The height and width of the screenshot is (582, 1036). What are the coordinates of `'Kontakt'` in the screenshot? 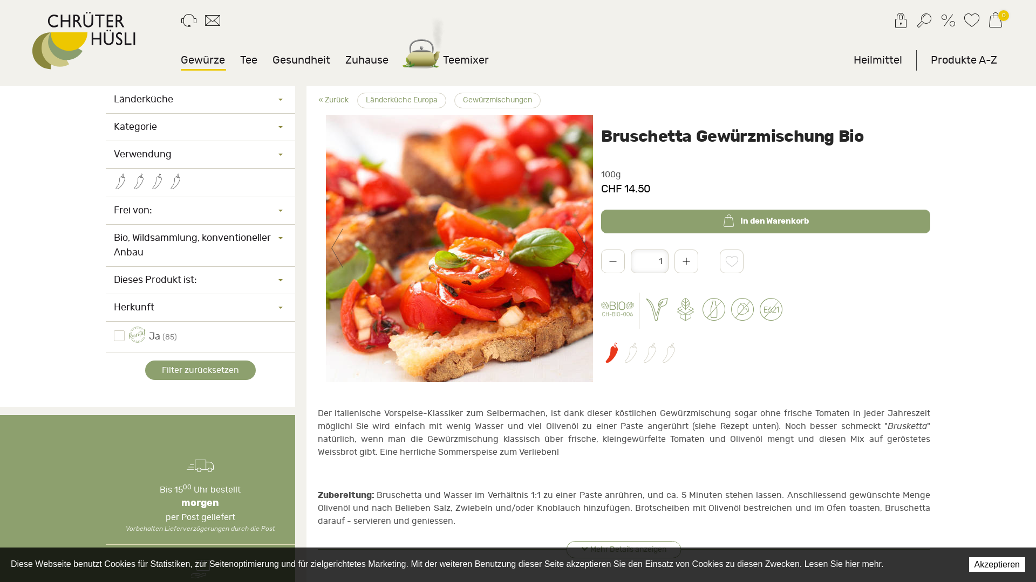 It's located at (189, 23).